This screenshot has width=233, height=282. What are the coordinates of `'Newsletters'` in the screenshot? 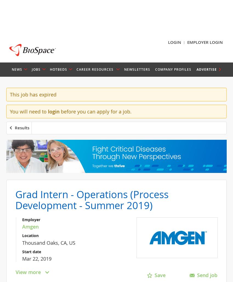 It's located at (124, 69).